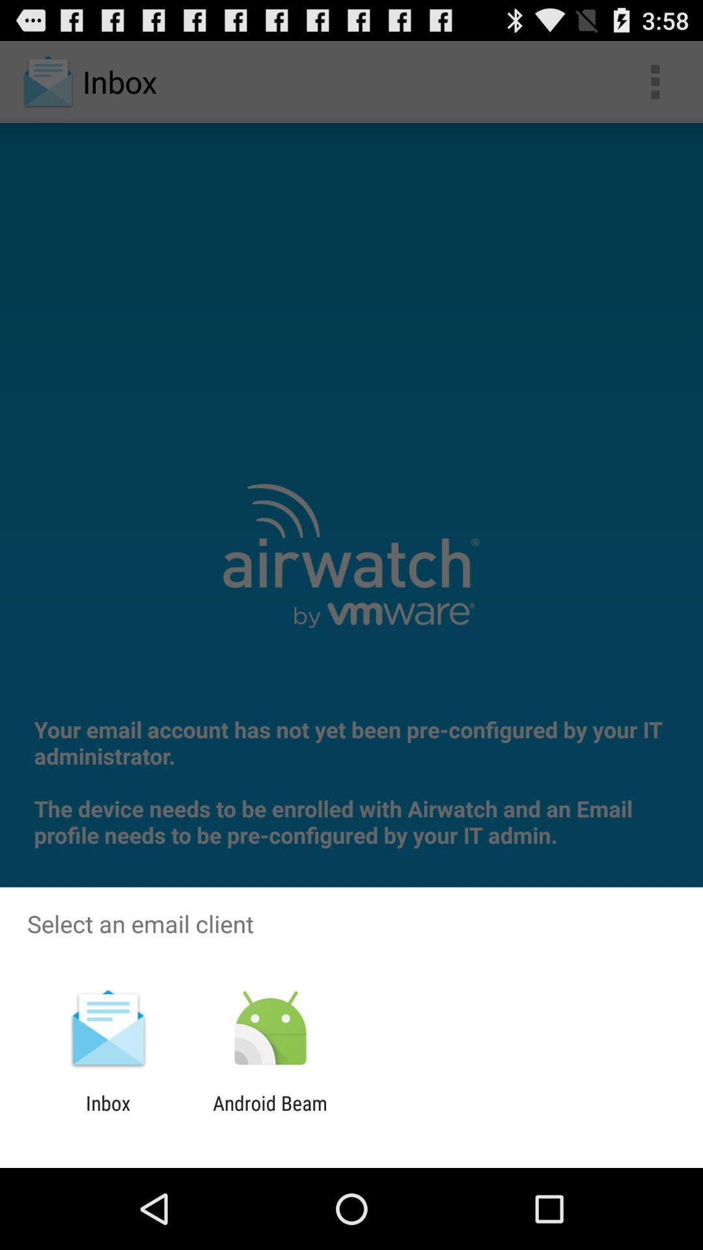  What do you see at coordinates (107, 1114) in the screenshot?
I see `inbox icon` at bounding box center [107, 1114].